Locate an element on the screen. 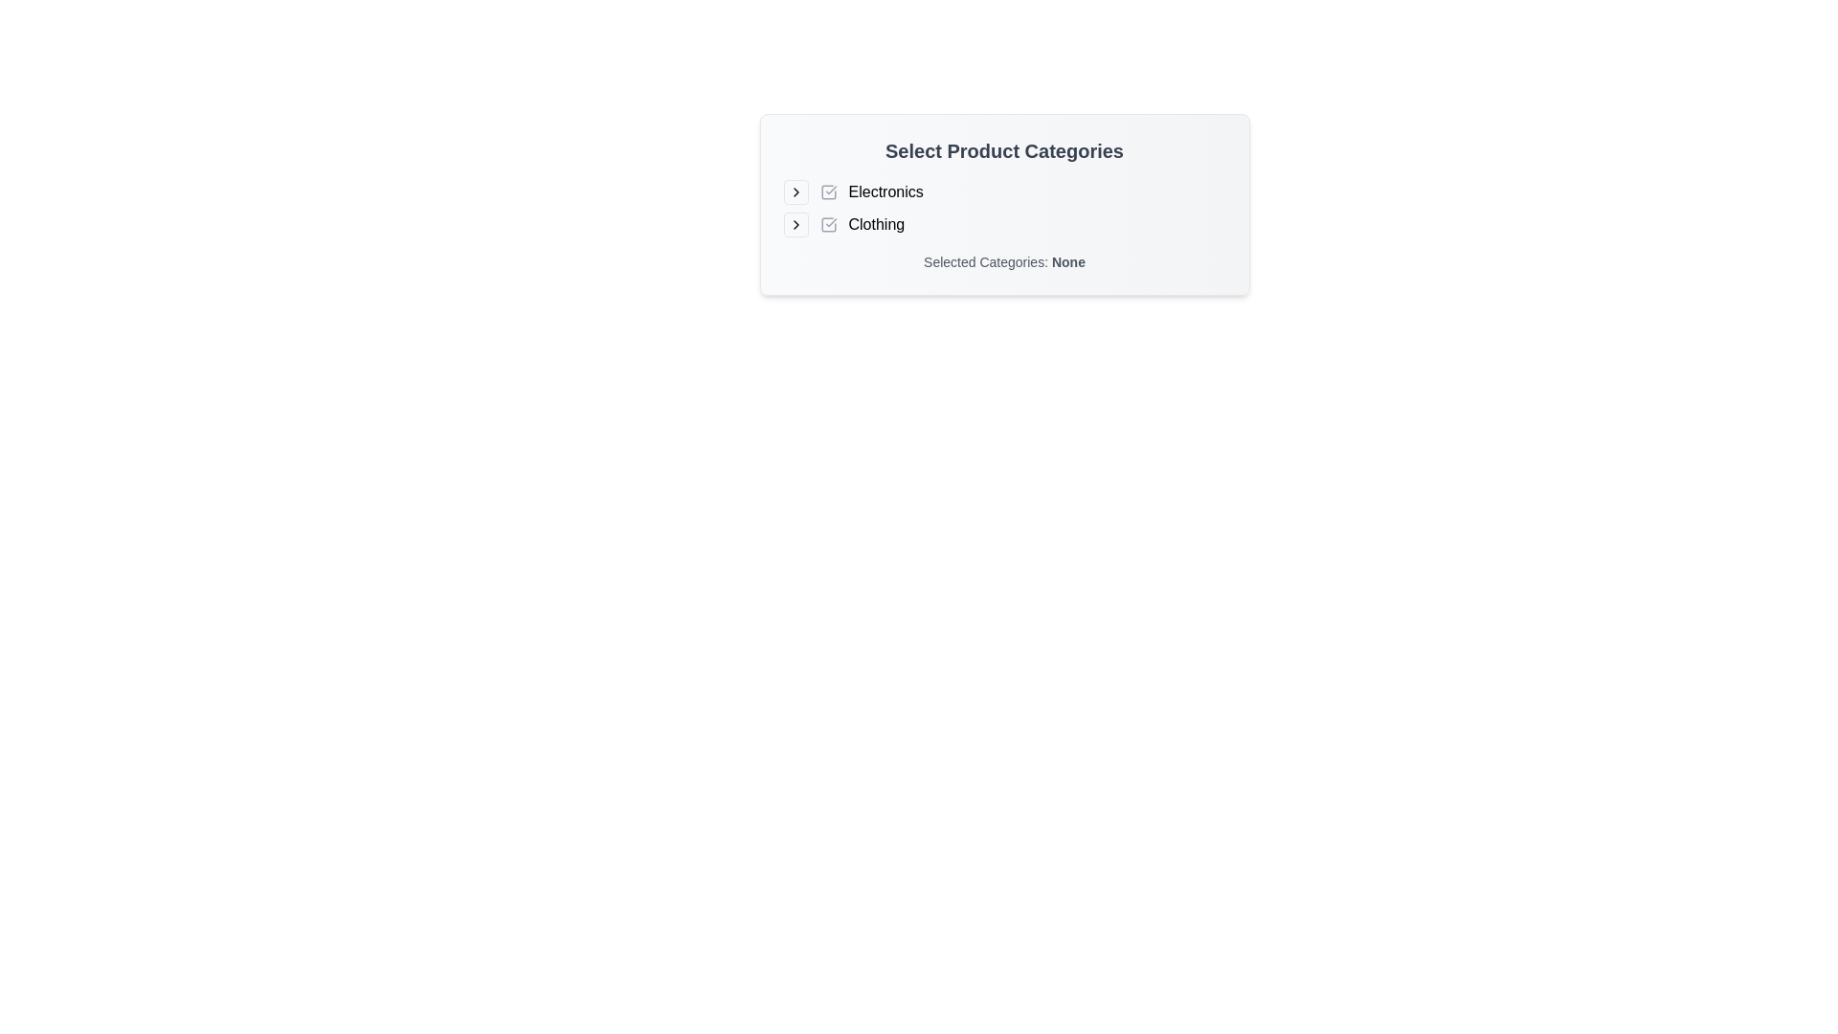 The height and width of the screenshot is (1034, 1838). the checkbox represented by an SVG graphic located to the left of the 'Electronics' label in the product categories list is located at coordinates (828, 191).